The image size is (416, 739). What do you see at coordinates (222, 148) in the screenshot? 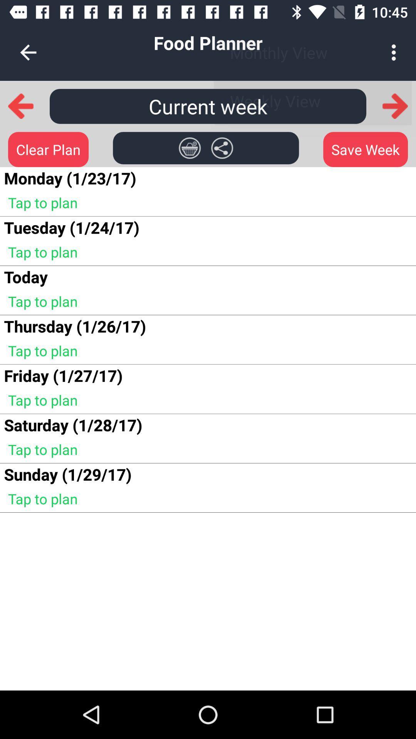
I see `share option` at bounding box center [222, 148].